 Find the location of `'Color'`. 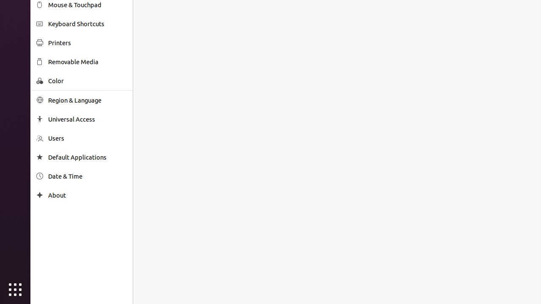

'Color' is located at coordinates (87, 81).